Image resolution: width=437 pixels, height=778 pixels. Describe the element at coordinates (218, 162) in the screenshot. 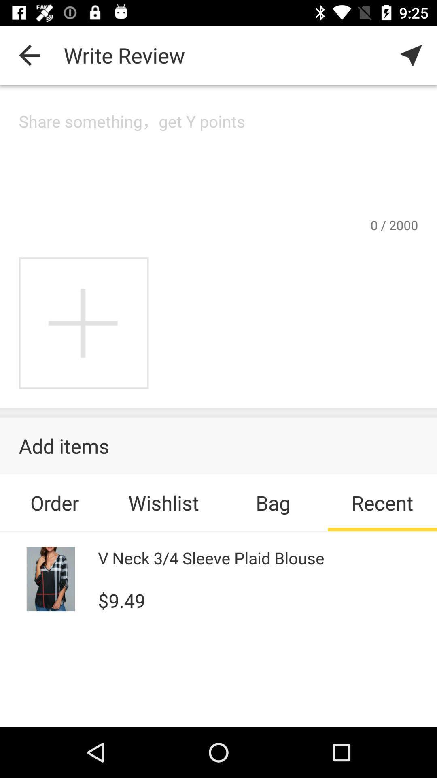

I see `share a comment` at that location.